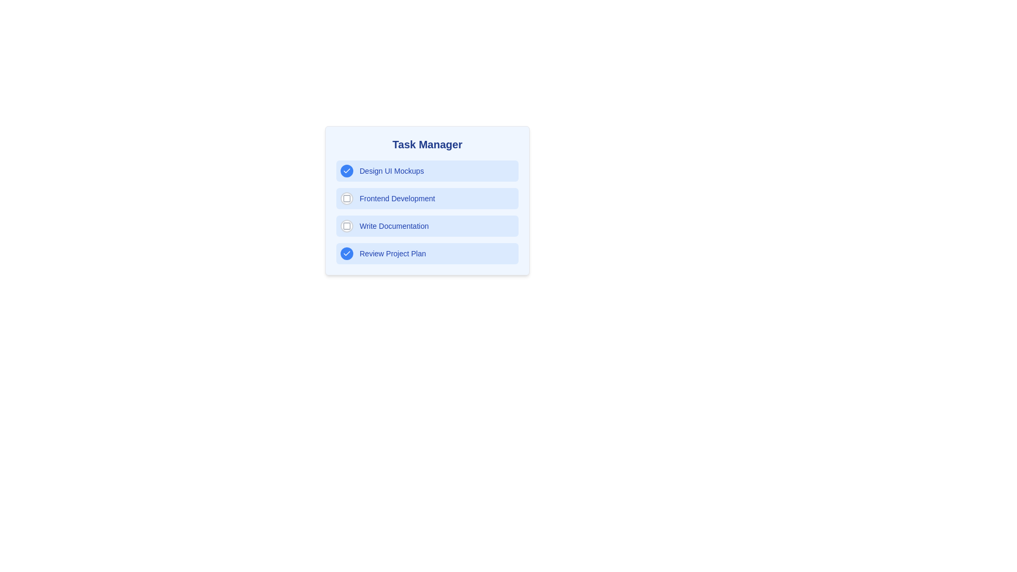  What do you see at coordinates (427, 171) in the screenshot?
I see `the task Design UI Mockups to reveal additional actions or effects` at bounding box center [427, 171].